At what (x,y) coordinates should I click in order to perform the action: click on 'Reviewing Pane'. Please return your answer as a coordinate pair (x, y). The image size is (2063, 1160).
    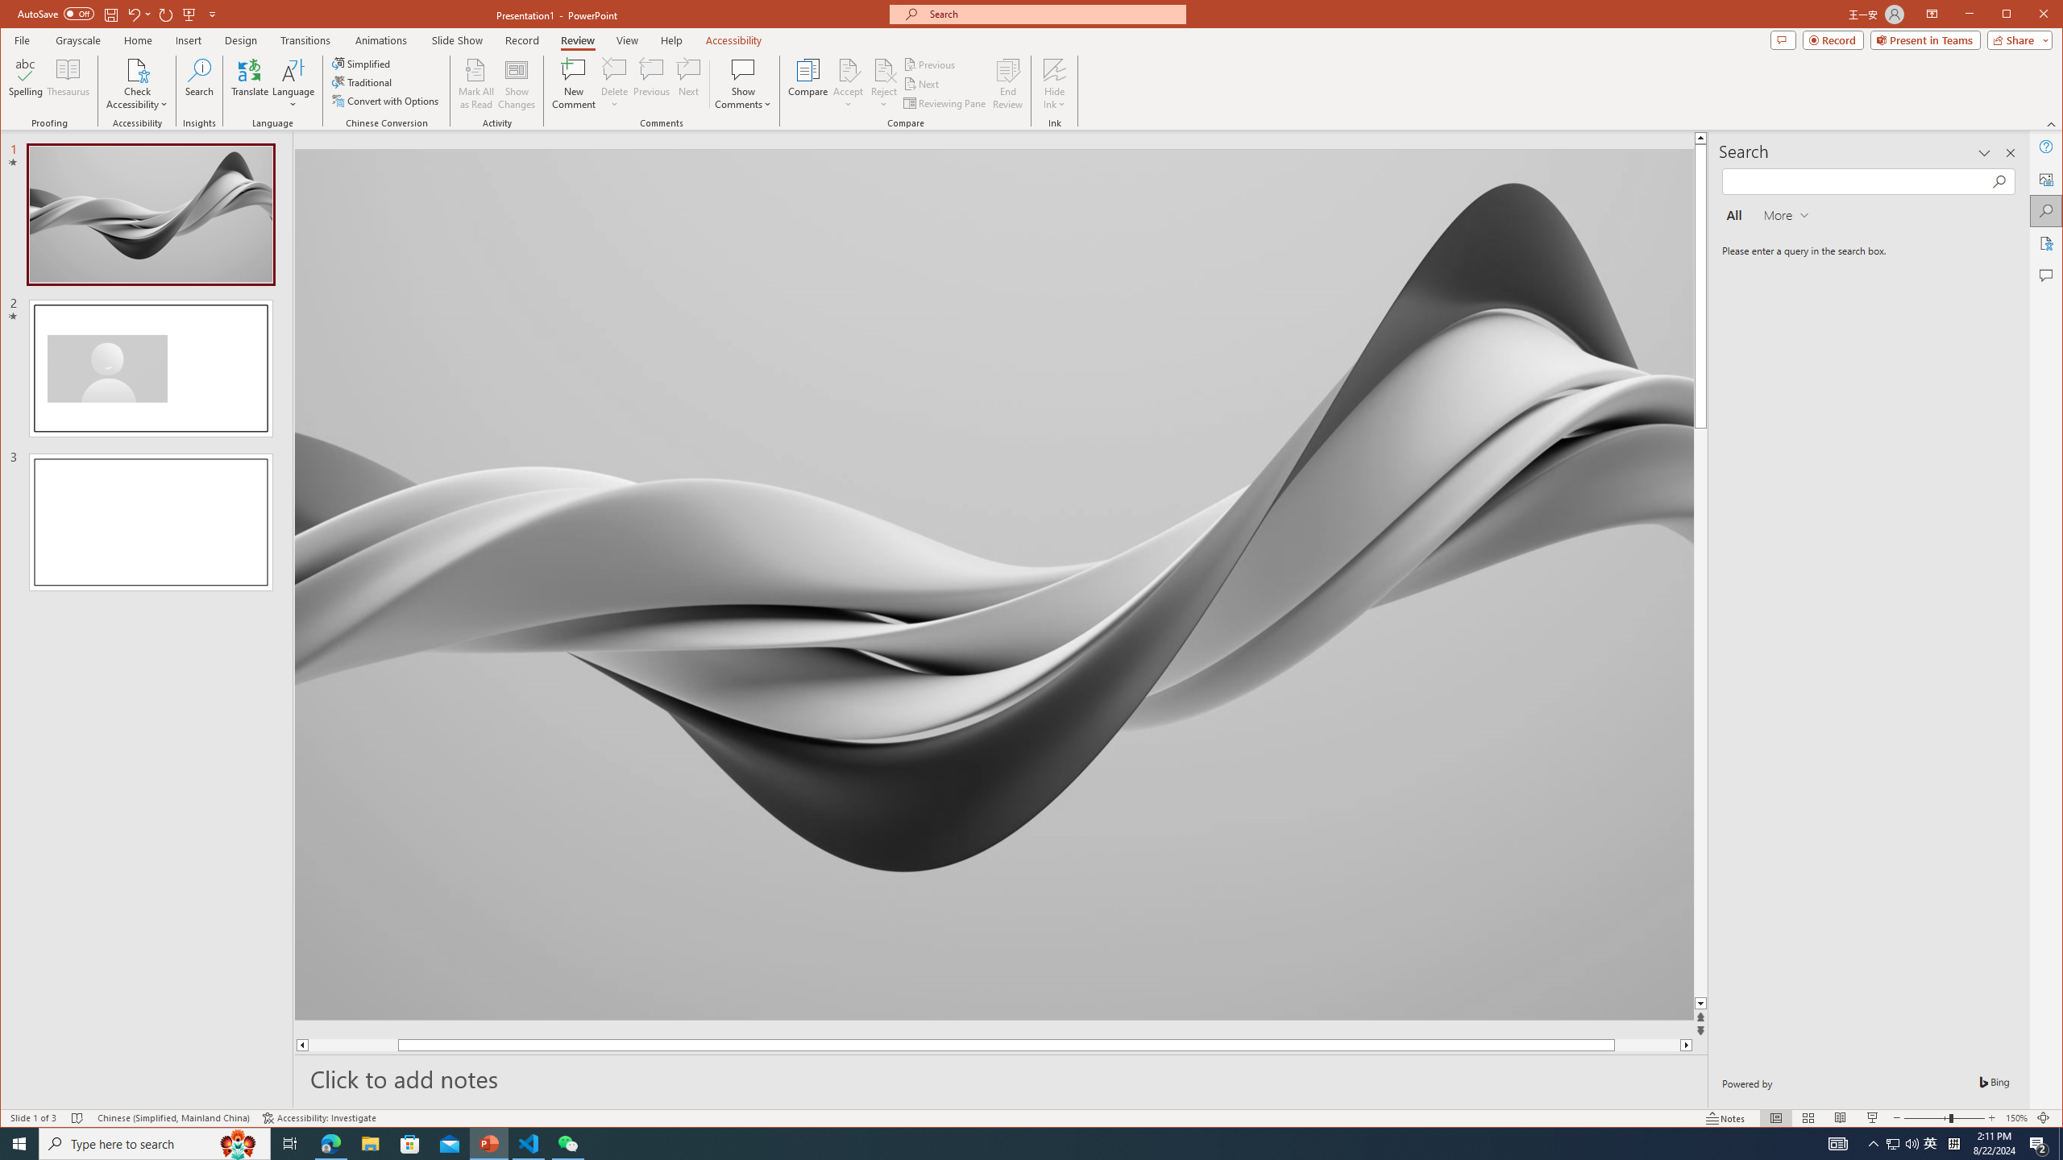
    Looking at the image, I should click on (945, 102).